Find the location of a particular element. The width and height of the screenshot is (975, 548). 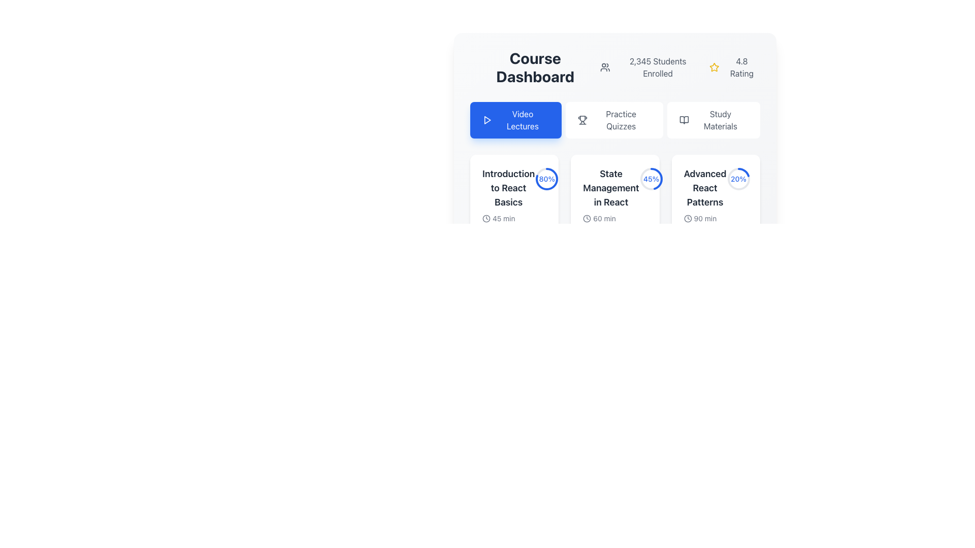

the study materials button located in the top right portion of the 'Course Dashboard', which is the third button in a horizontal group of three buttons is located at coordinates (713, 119).